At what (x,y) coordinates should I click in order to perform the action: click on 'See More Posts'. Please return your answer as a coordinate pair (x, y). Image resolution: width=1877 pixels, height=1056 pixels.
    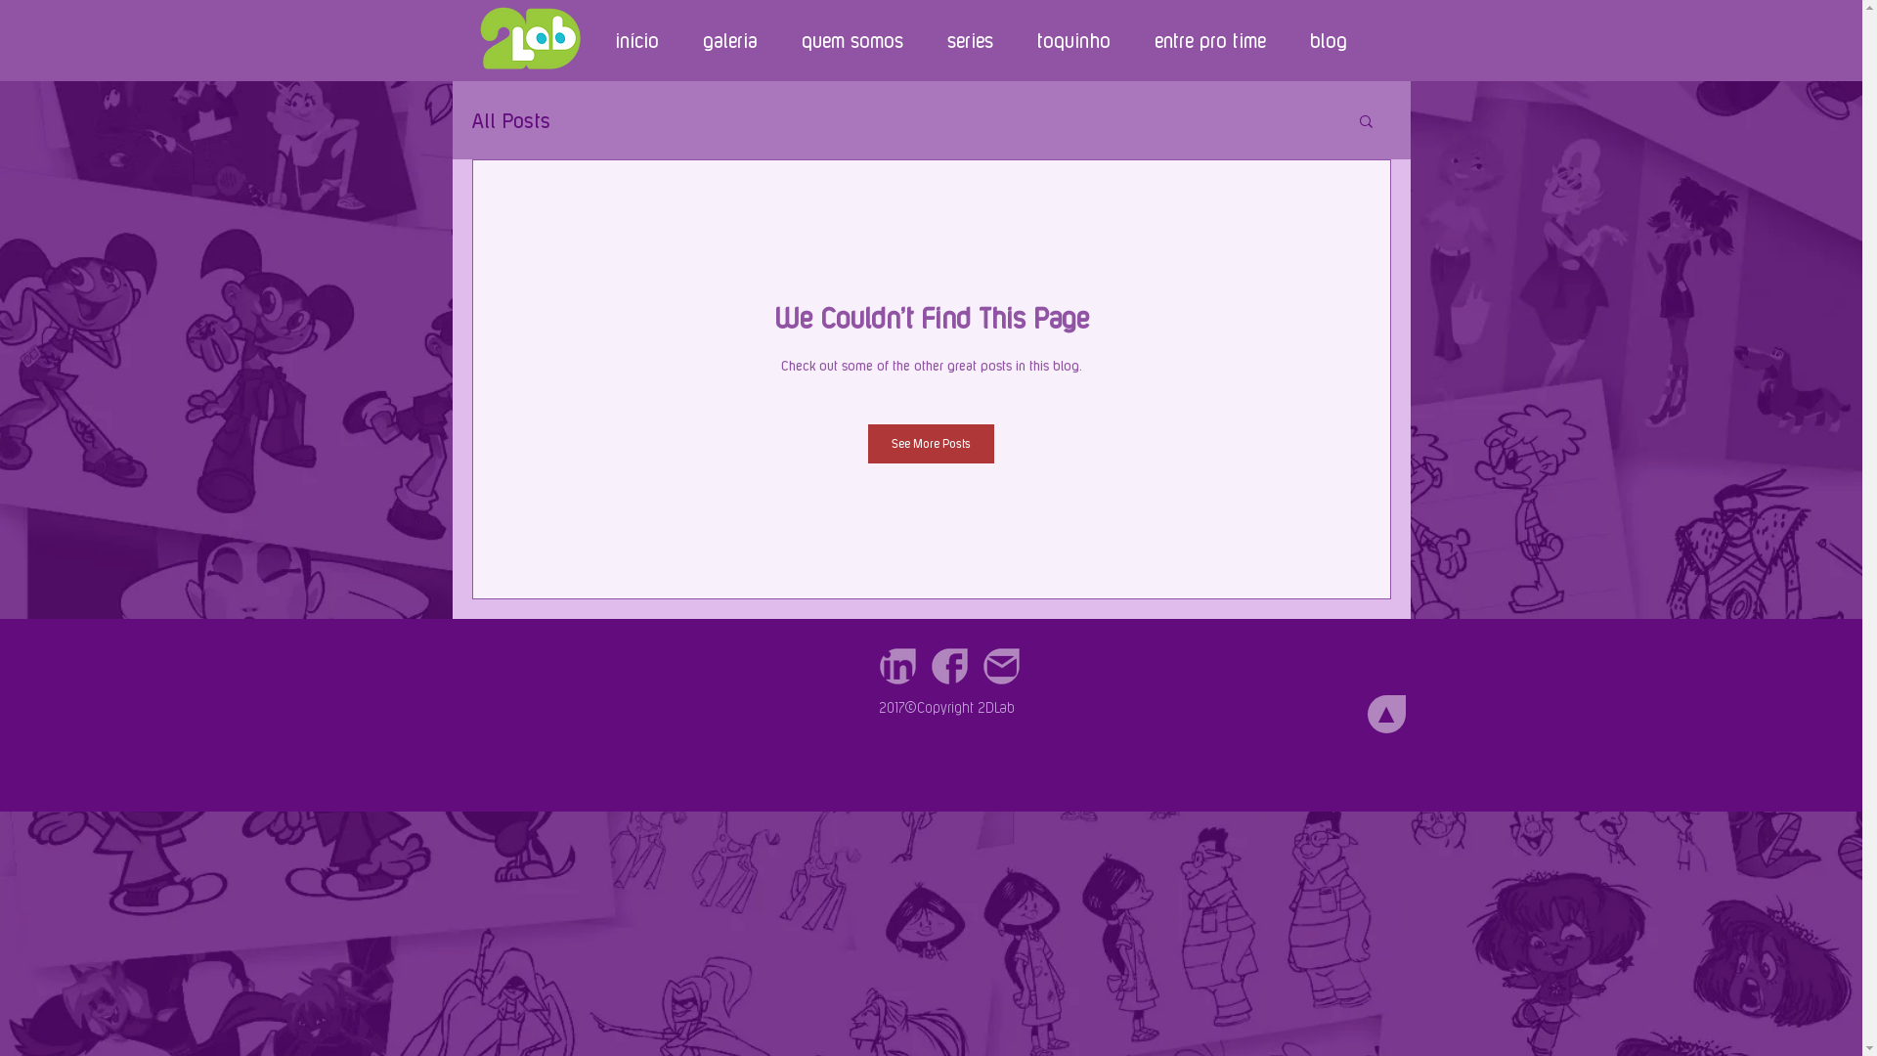
    Looking at the image, I should click on (867, 444).